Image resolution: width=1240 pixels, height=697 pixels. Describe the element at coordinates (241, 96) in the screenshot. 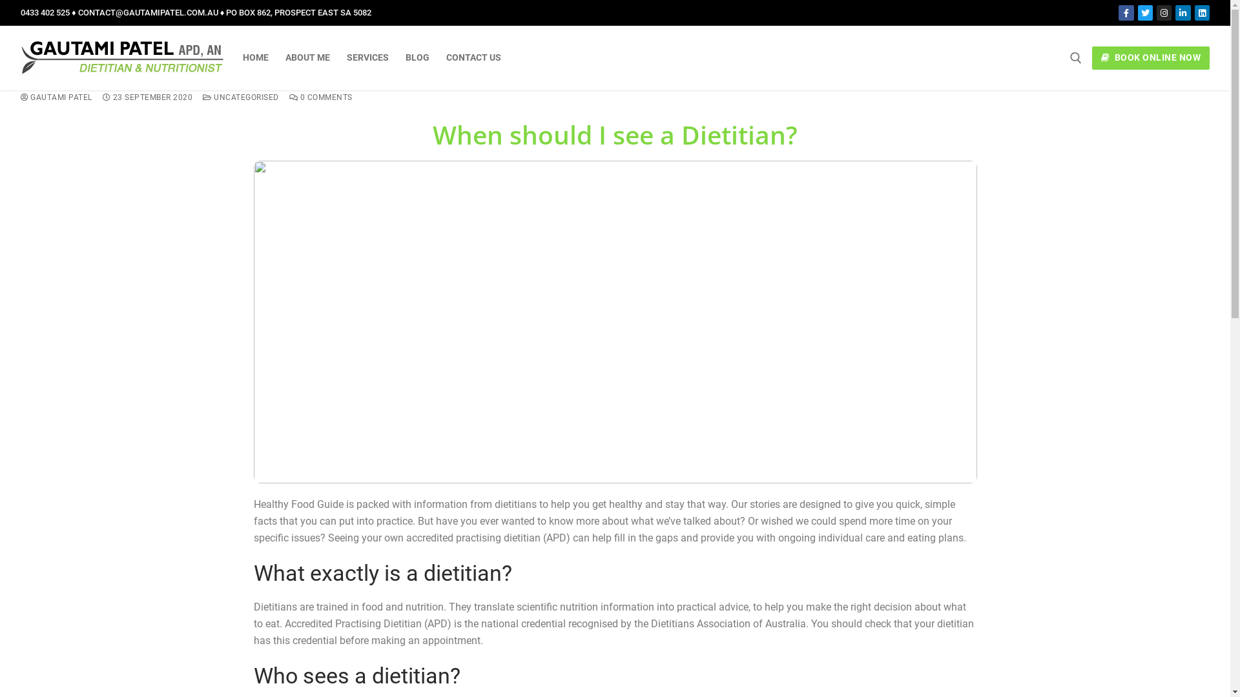

I see `'UNCATEGORISED'` at that location.